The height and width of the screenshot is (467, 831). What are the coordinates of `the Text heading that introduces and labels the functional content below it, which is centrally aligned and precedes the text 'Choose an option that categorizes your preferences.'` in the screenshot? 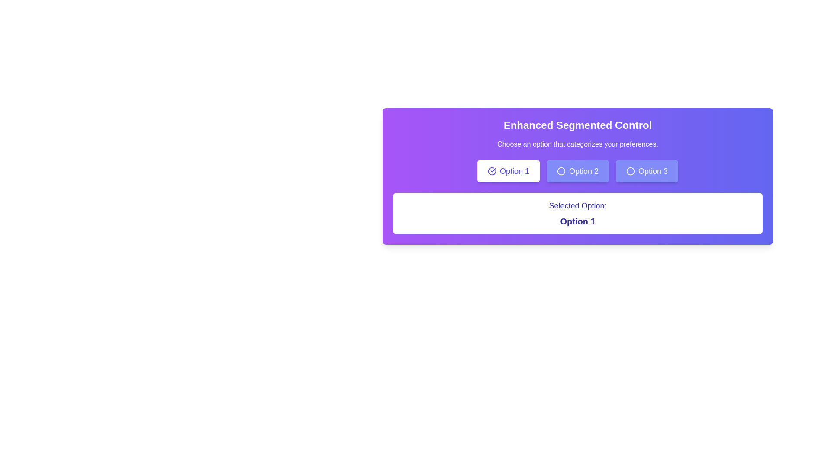 It's located at (577, 125).